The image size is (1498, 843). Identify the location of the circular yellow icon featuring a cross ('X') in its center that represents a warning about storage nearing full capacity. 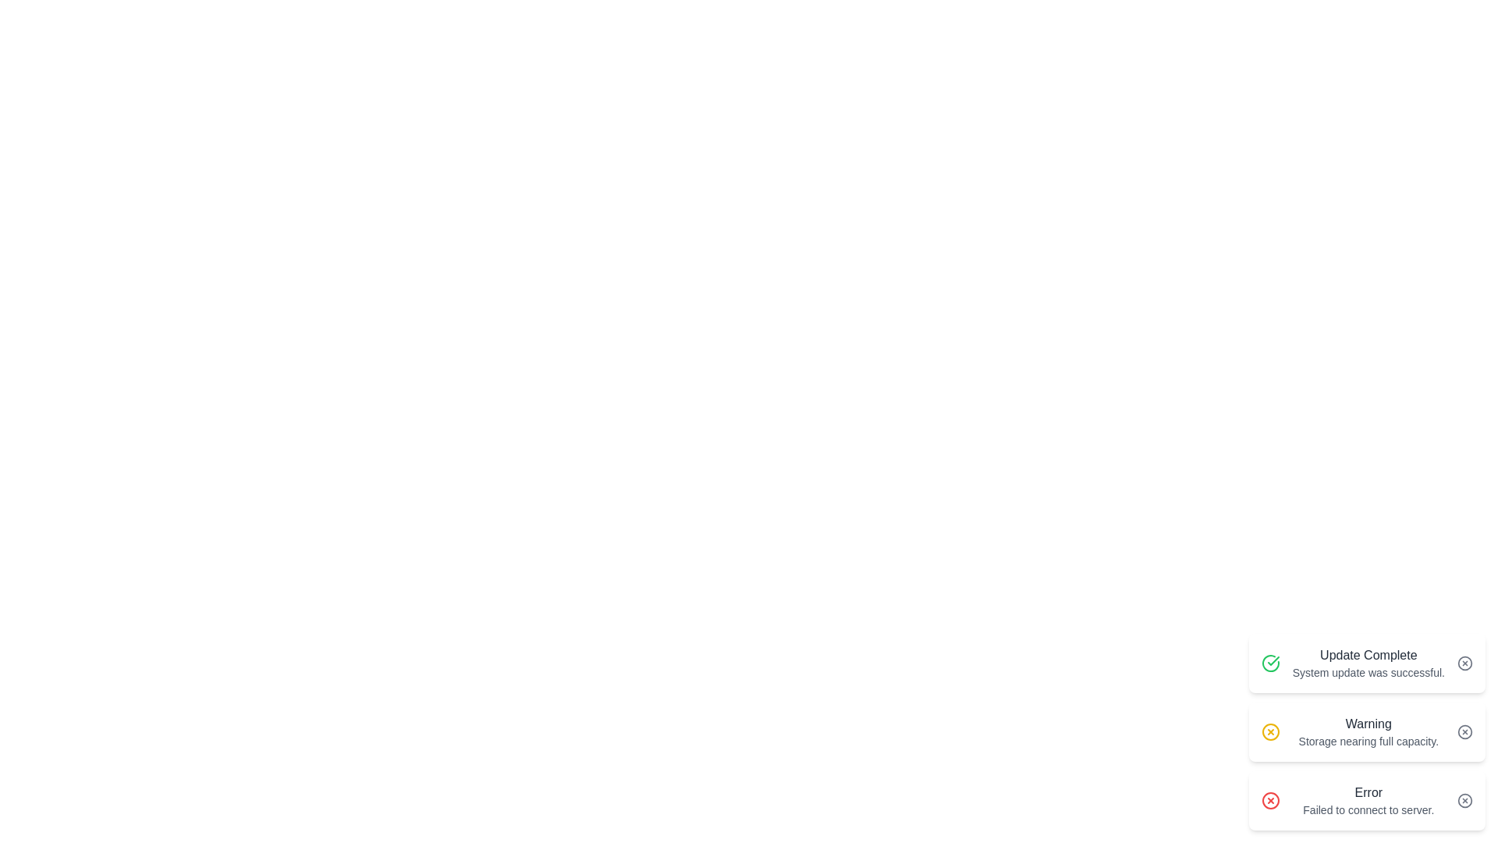
(1270, 731).